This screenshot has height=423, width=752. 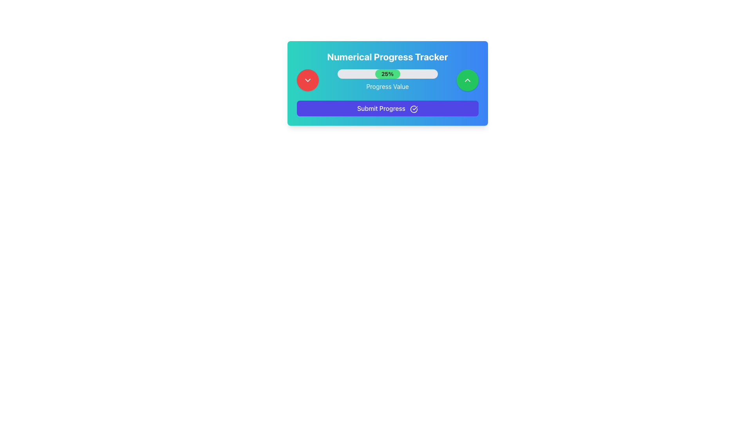 What do you see at coordinates (467, 80) in the screenshot?
I see `the upward-facing chevron icon within the circular green button located on the right side of the 'Numerical Progress Tracker' section` at bounding box center [467, 80].